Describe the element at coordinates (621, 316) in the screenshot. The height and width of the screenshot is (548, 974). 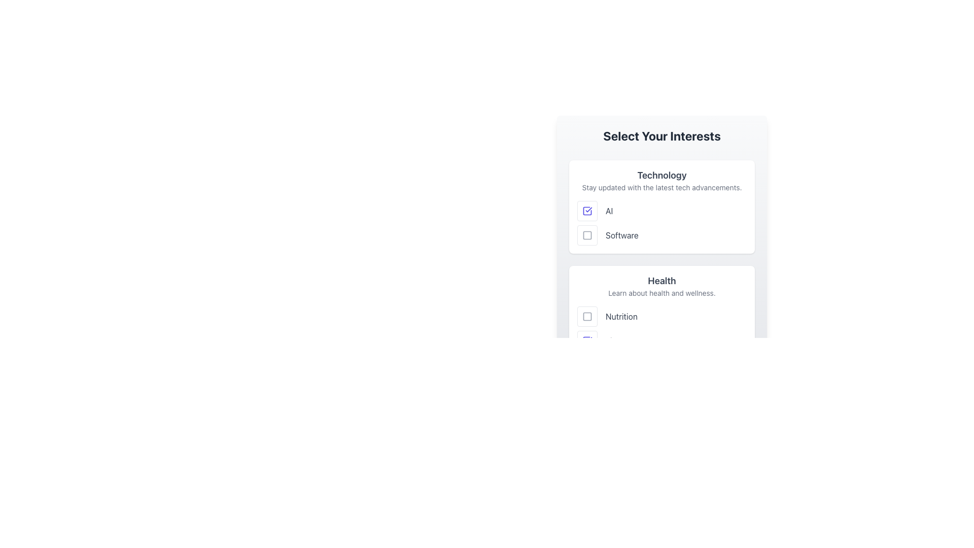
I see `the 'Nutrition' text label styled in gray, located in the 'Select Your Interests' panel under the 'Health' section, positioned to the right of a checkbox icon` at that location.